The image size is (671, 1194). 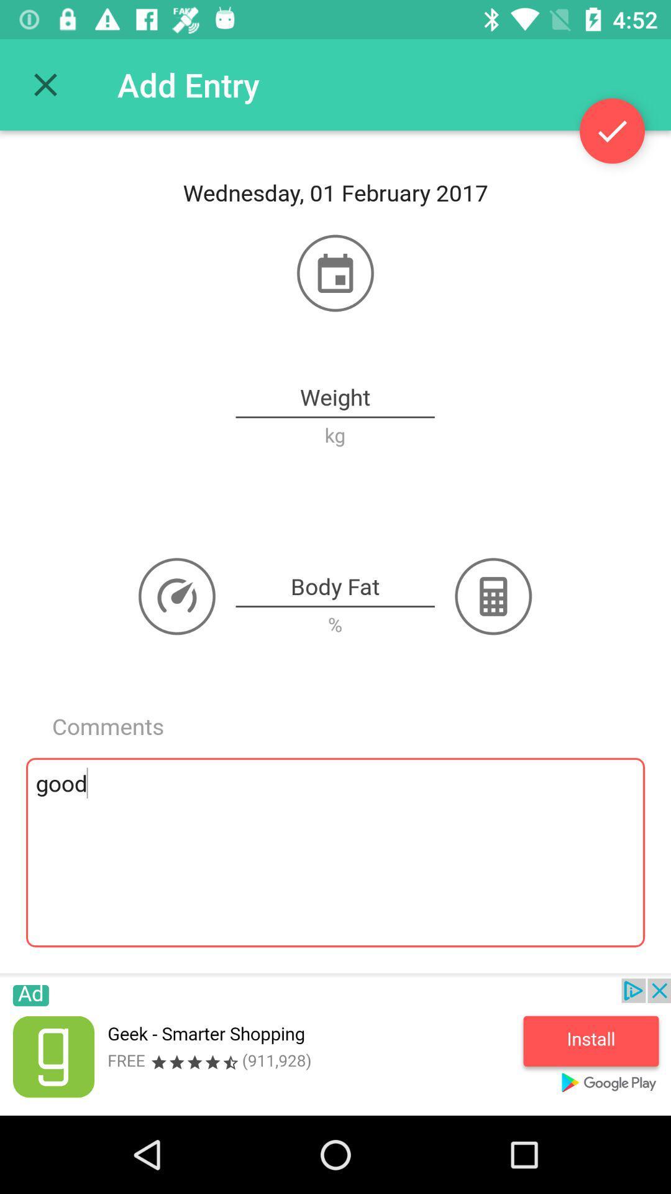 What do you see at coordinates (611, 131) in the screenshot?
I see `seleced` at bounding box center [611, 131].